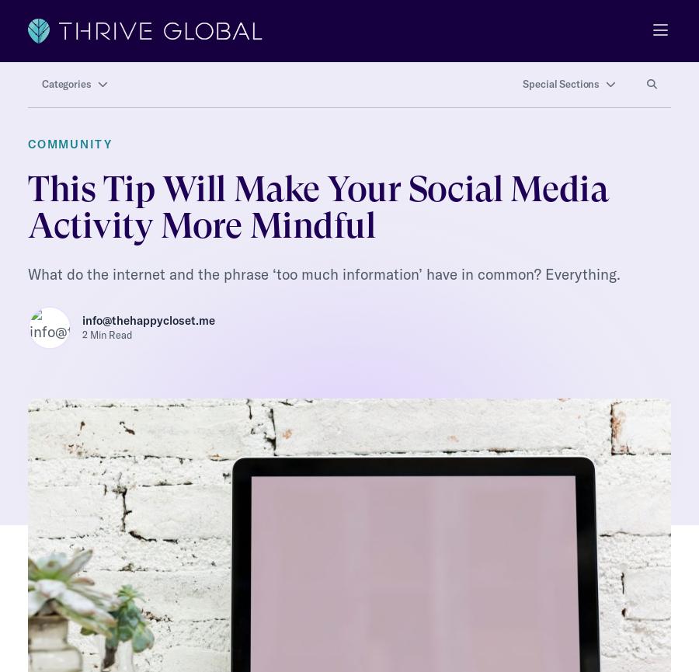 The image size is (699, 672). What do you see at coordinates (49, 629) in the screenshot?
I see `'Careers'` at bounding box center [49, 629].